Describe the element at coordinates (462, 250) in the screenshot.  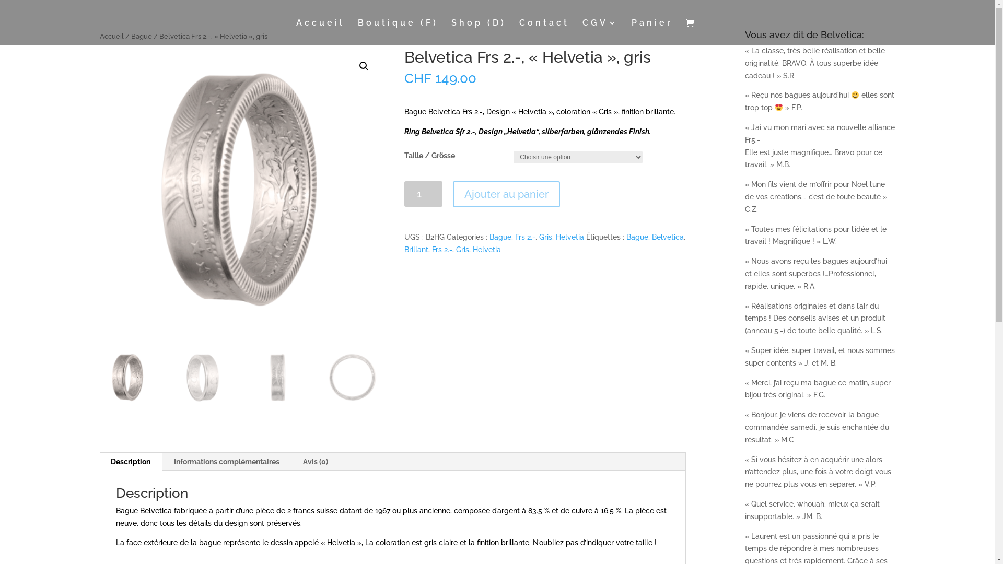
I see `'Gris'` at that location.